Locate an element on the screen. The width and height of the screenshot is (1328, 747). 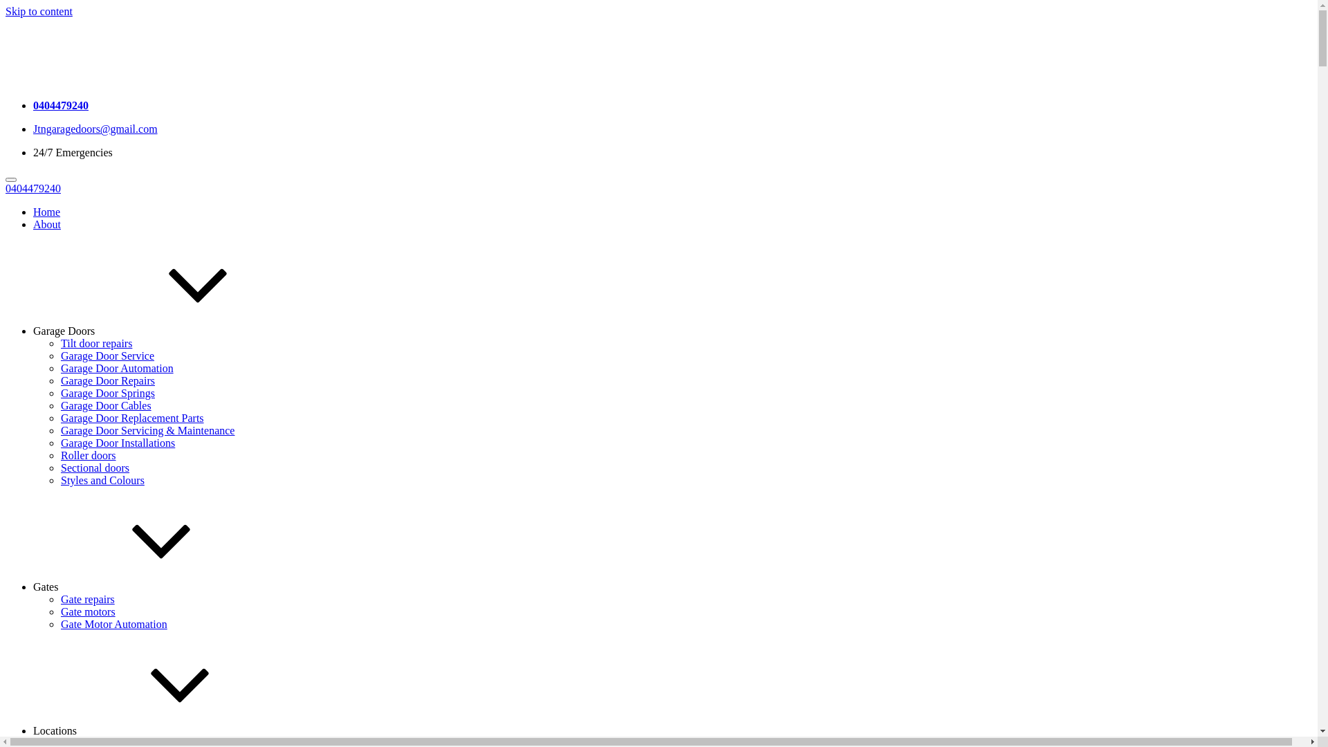
'Gate motors' is located at coordinates (87, 611).